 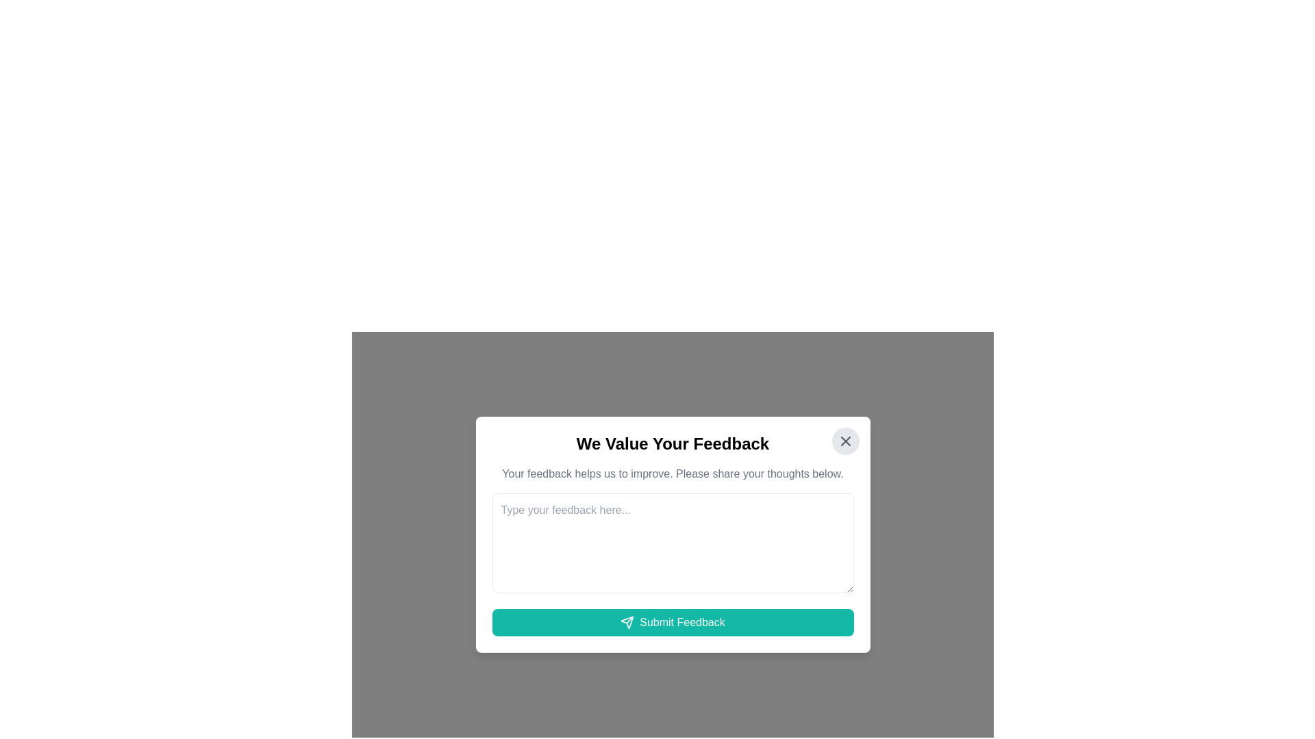 I want to click on the gray 'X' icon located in the top-right corner of the feedback dialog box titled 'We Value Your Feedback', so click(x=844, y=441).